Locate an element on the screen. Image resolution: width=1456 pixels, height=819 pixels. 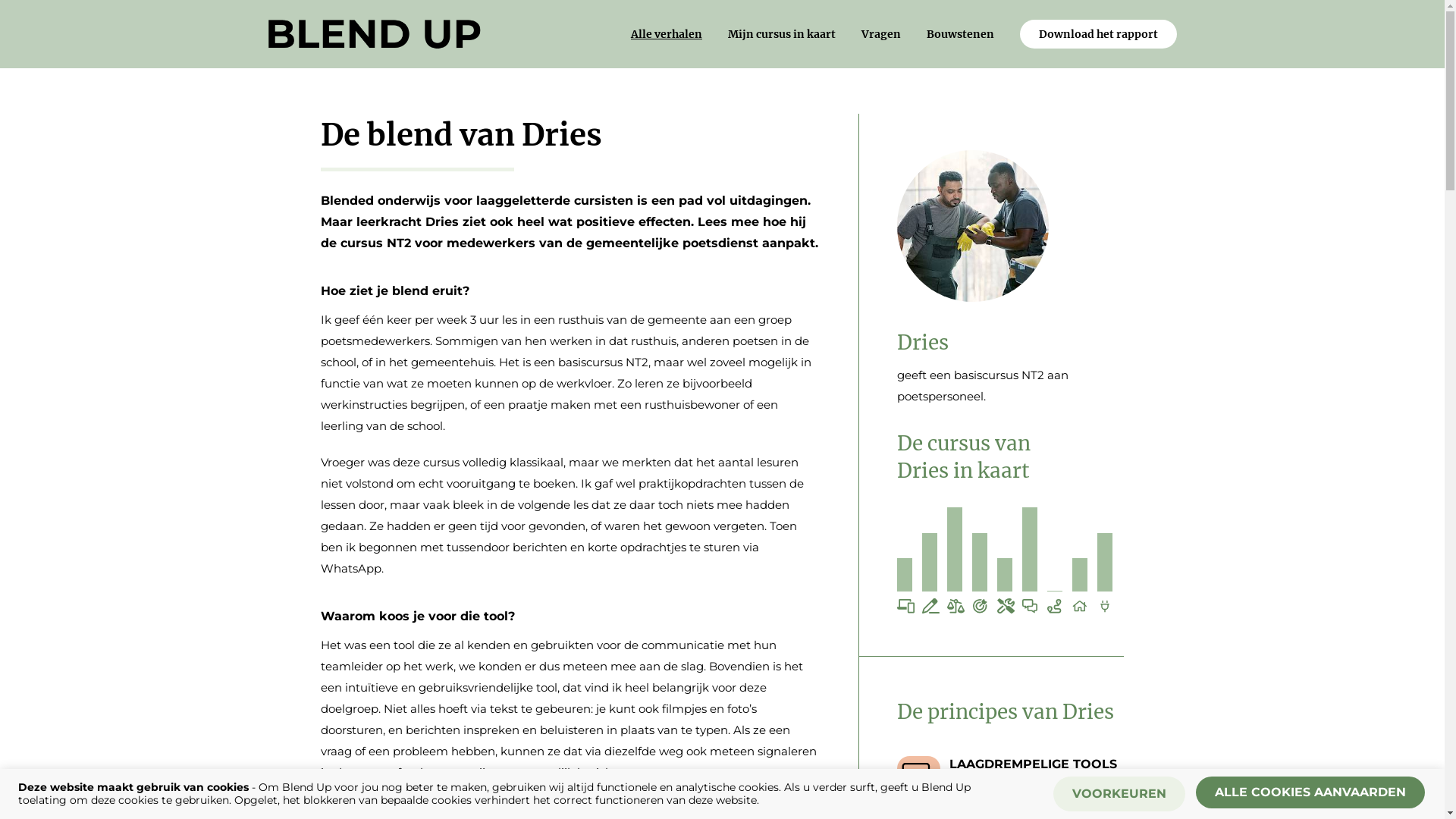
'Vragen' is located at coordinates (880, 34).